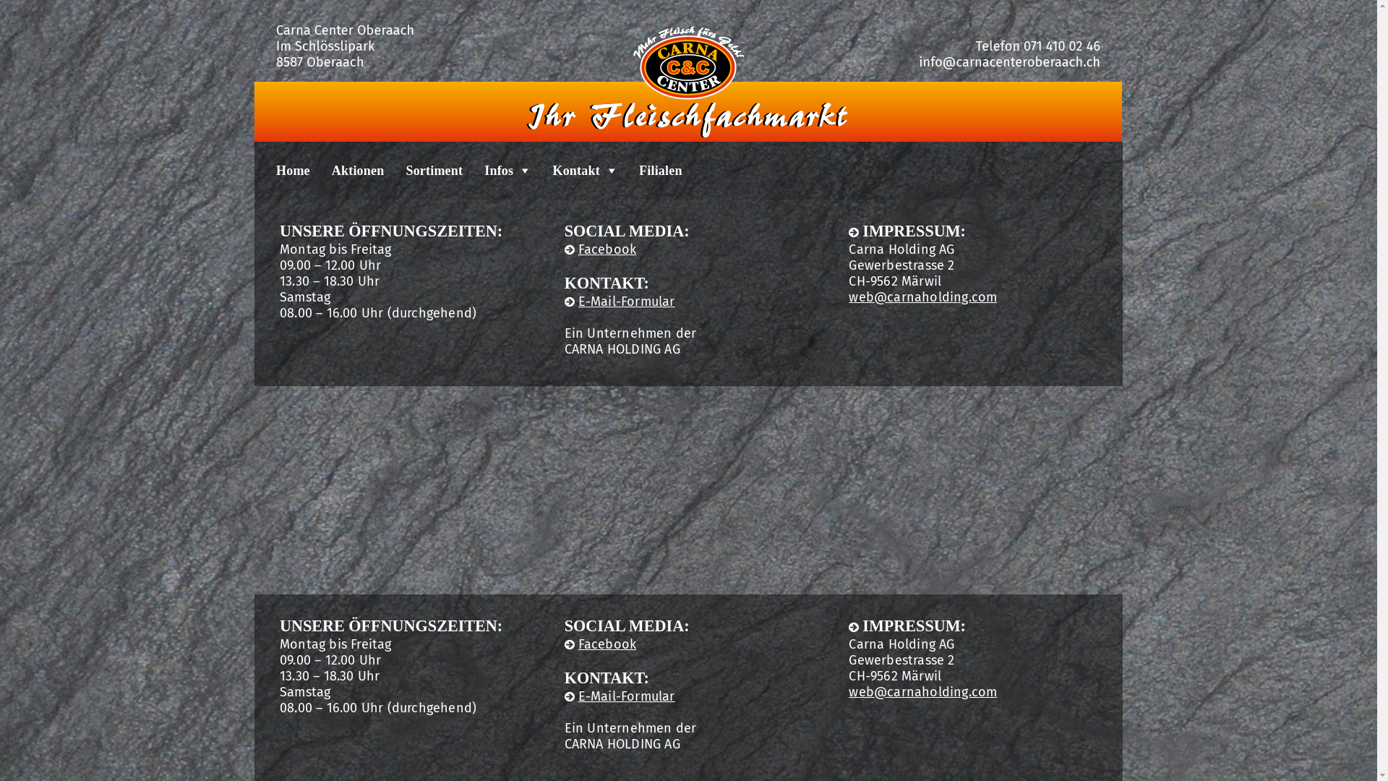  Describe the element at coordinates (347, 169) in the screenshot. I see `'Aktionen'` at that location.